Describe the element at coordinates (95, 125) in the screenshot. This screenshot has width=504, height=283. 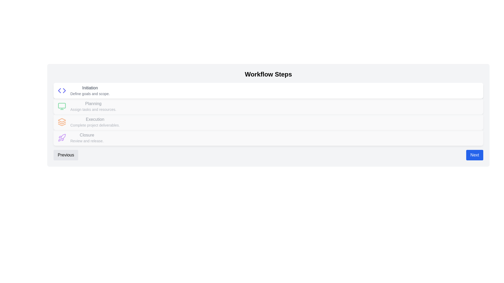
I see `the Text Label displaying 'Complete project deliverables.' which is positioned below the 'Execution' title in the workflow steps list` at that location.